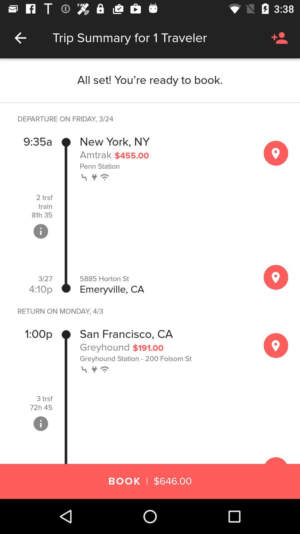  Describe the element at coordinates (166, 279) in the screenshot. I see `the 5885 horton st` at that location.